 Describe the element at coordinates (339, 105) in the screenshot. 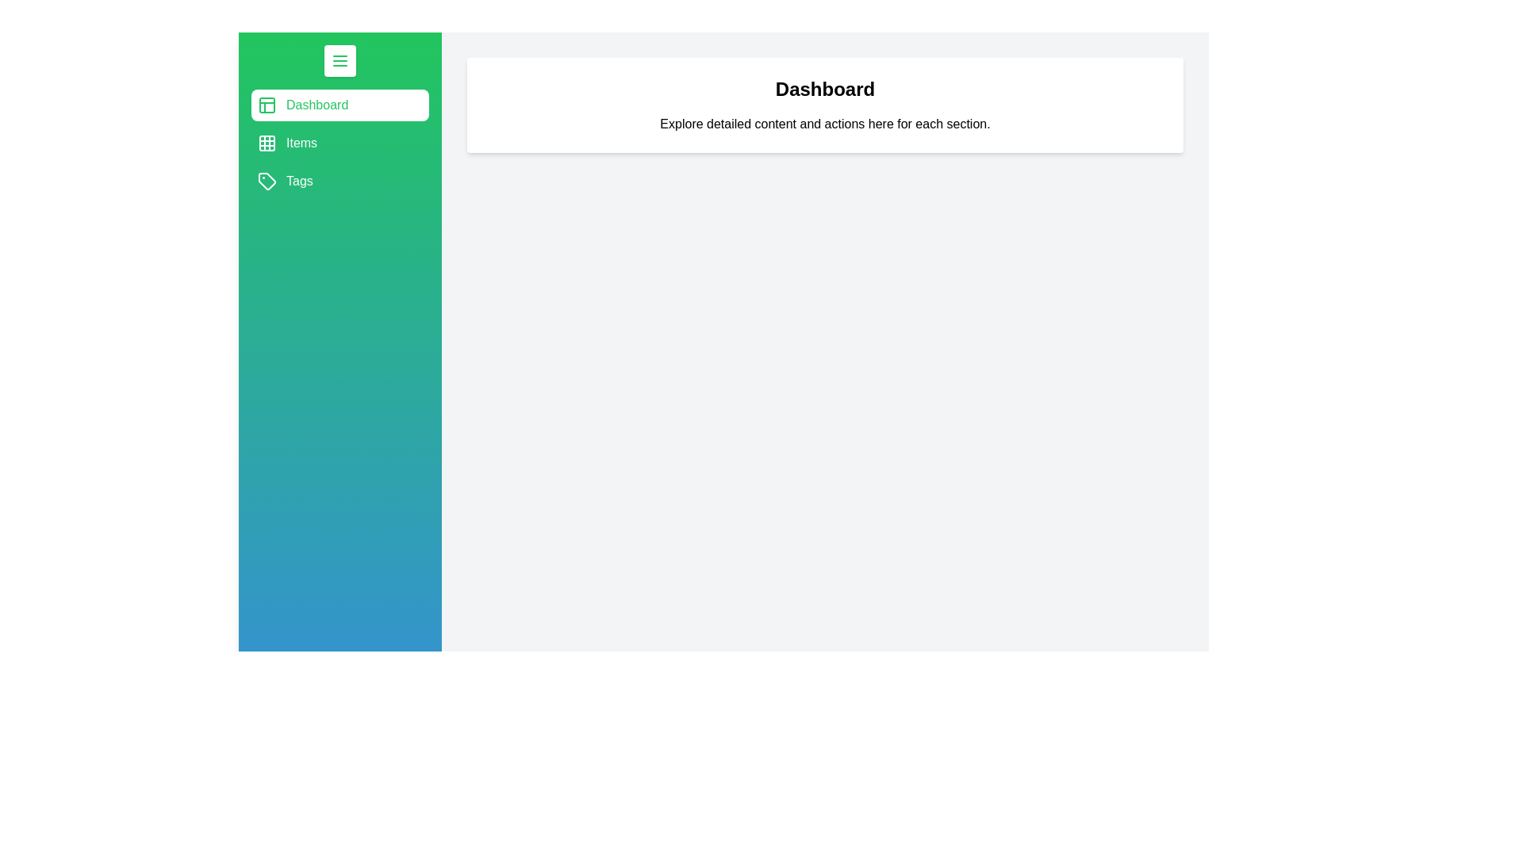

I see `the section Dashboard to select it` at that location.